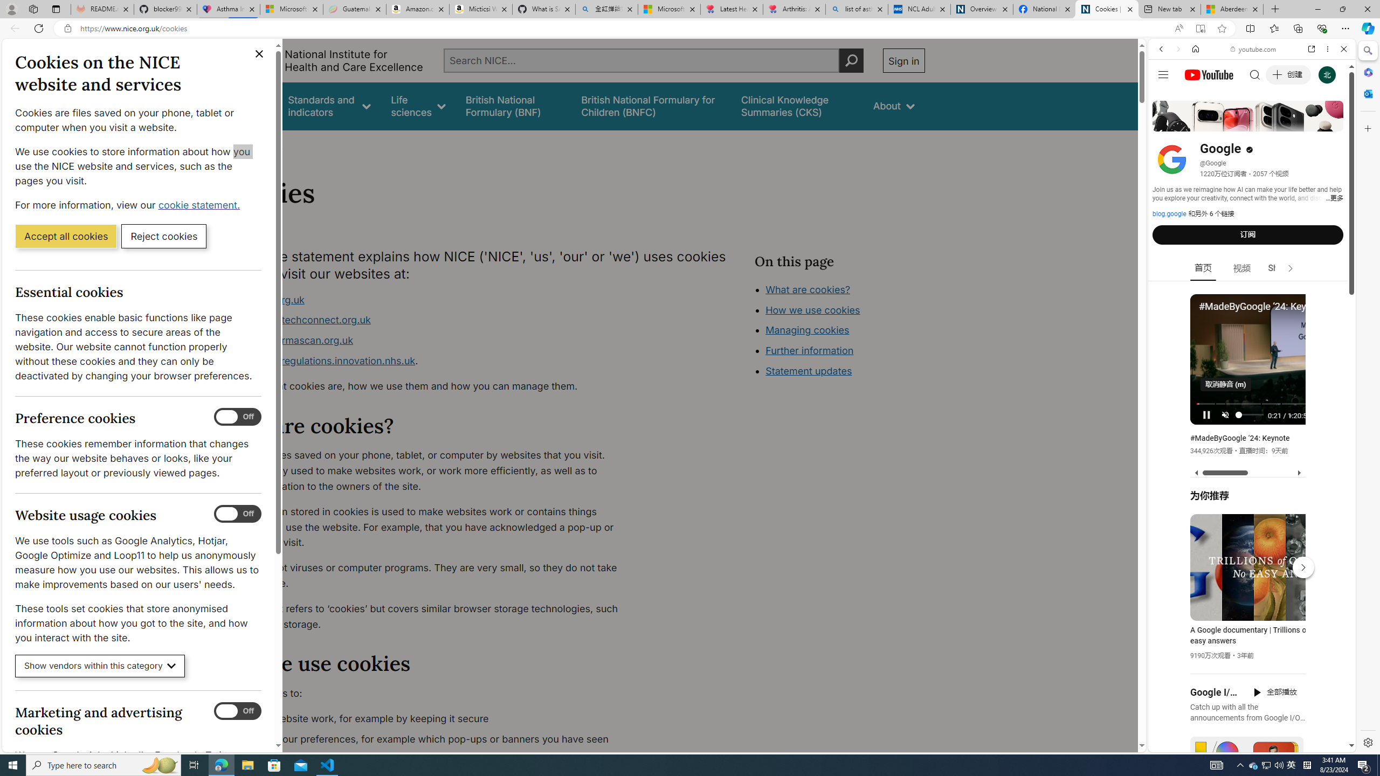 The height and width of the screenshot is (776, 1380). Describe the element at coordinates (1107, 9) in the screenshot. I see `'Cookies | About | NICE'` at that location.